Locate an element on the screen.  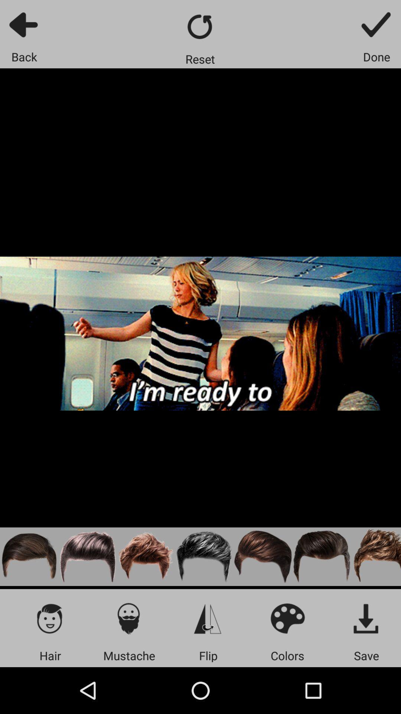
image hair setting is located at coordinates (146, 557).